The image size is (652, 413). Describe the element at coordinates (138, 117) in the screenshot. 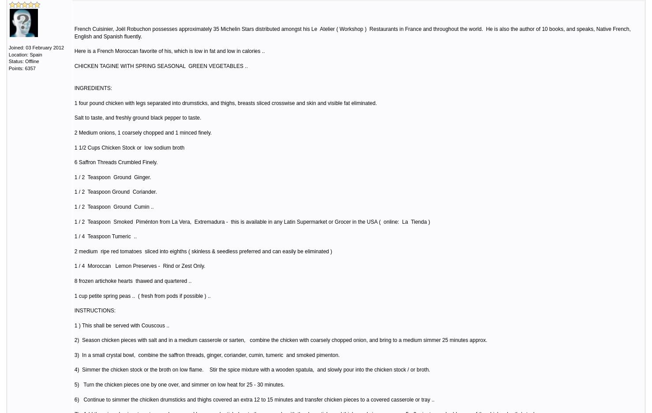

I see `'Salt to taste, and freshly ground black pepper to taste.'` at that location.